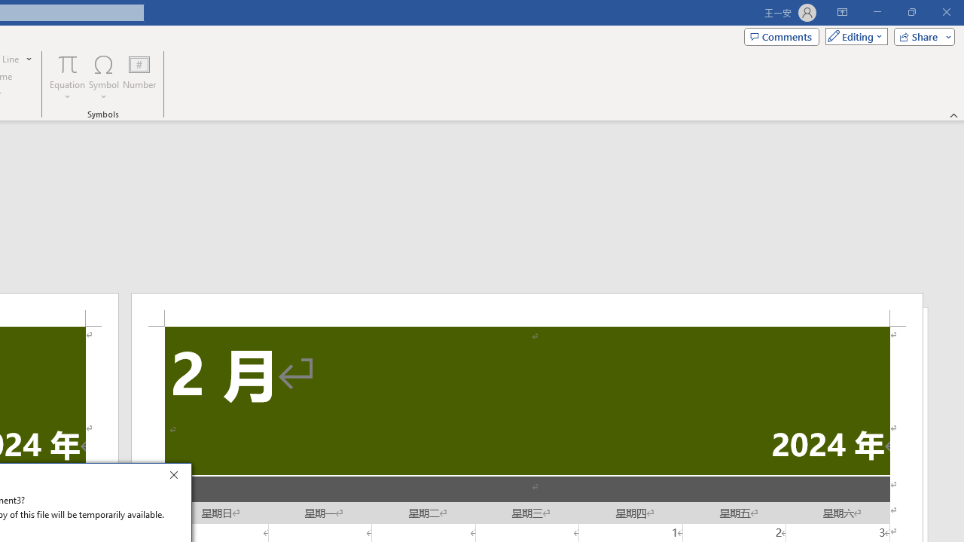 This screenshot has width=964, height=542. I want to click on 'Comments', so click(782, 35).